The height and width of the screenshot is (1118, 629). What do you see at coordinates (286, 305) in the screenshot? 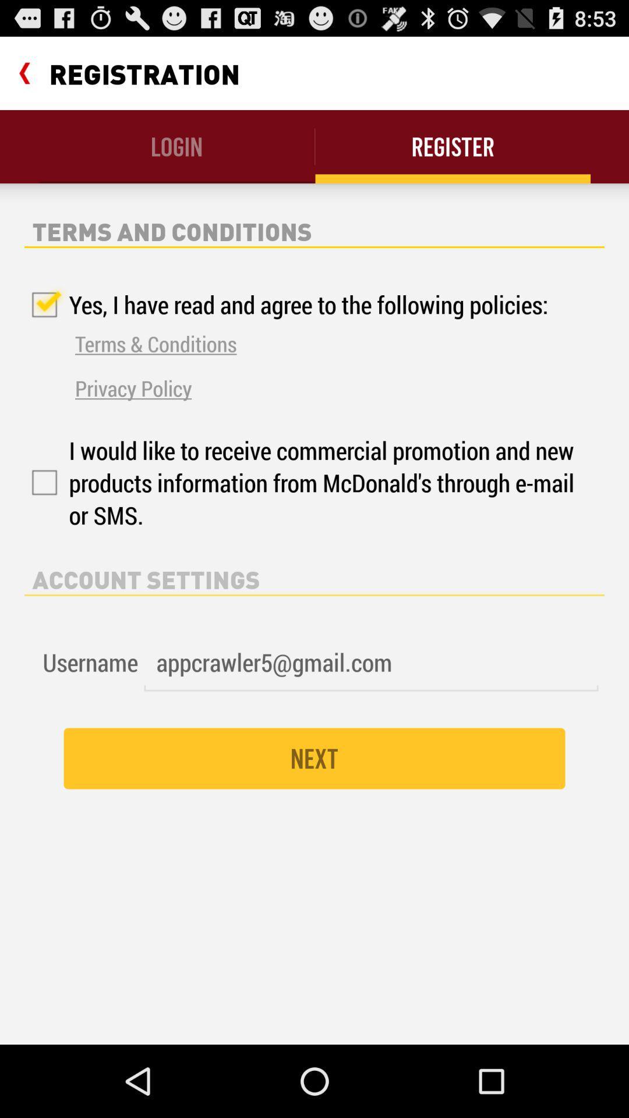
I see `the yes i have item` at bounding box center [286, 305].